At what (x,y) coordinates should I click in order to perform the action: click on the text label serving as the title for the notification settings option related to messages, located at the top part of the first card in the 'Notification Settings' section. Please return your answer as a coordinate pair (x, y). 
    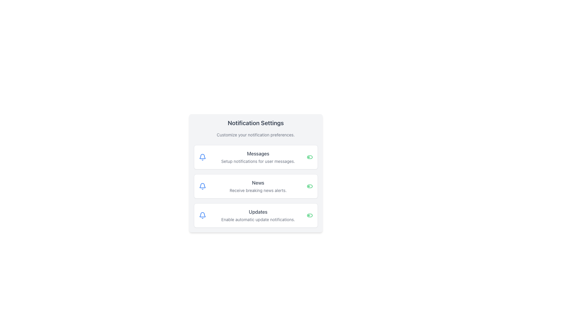
    Looking at the image, I should click on (258, 153).